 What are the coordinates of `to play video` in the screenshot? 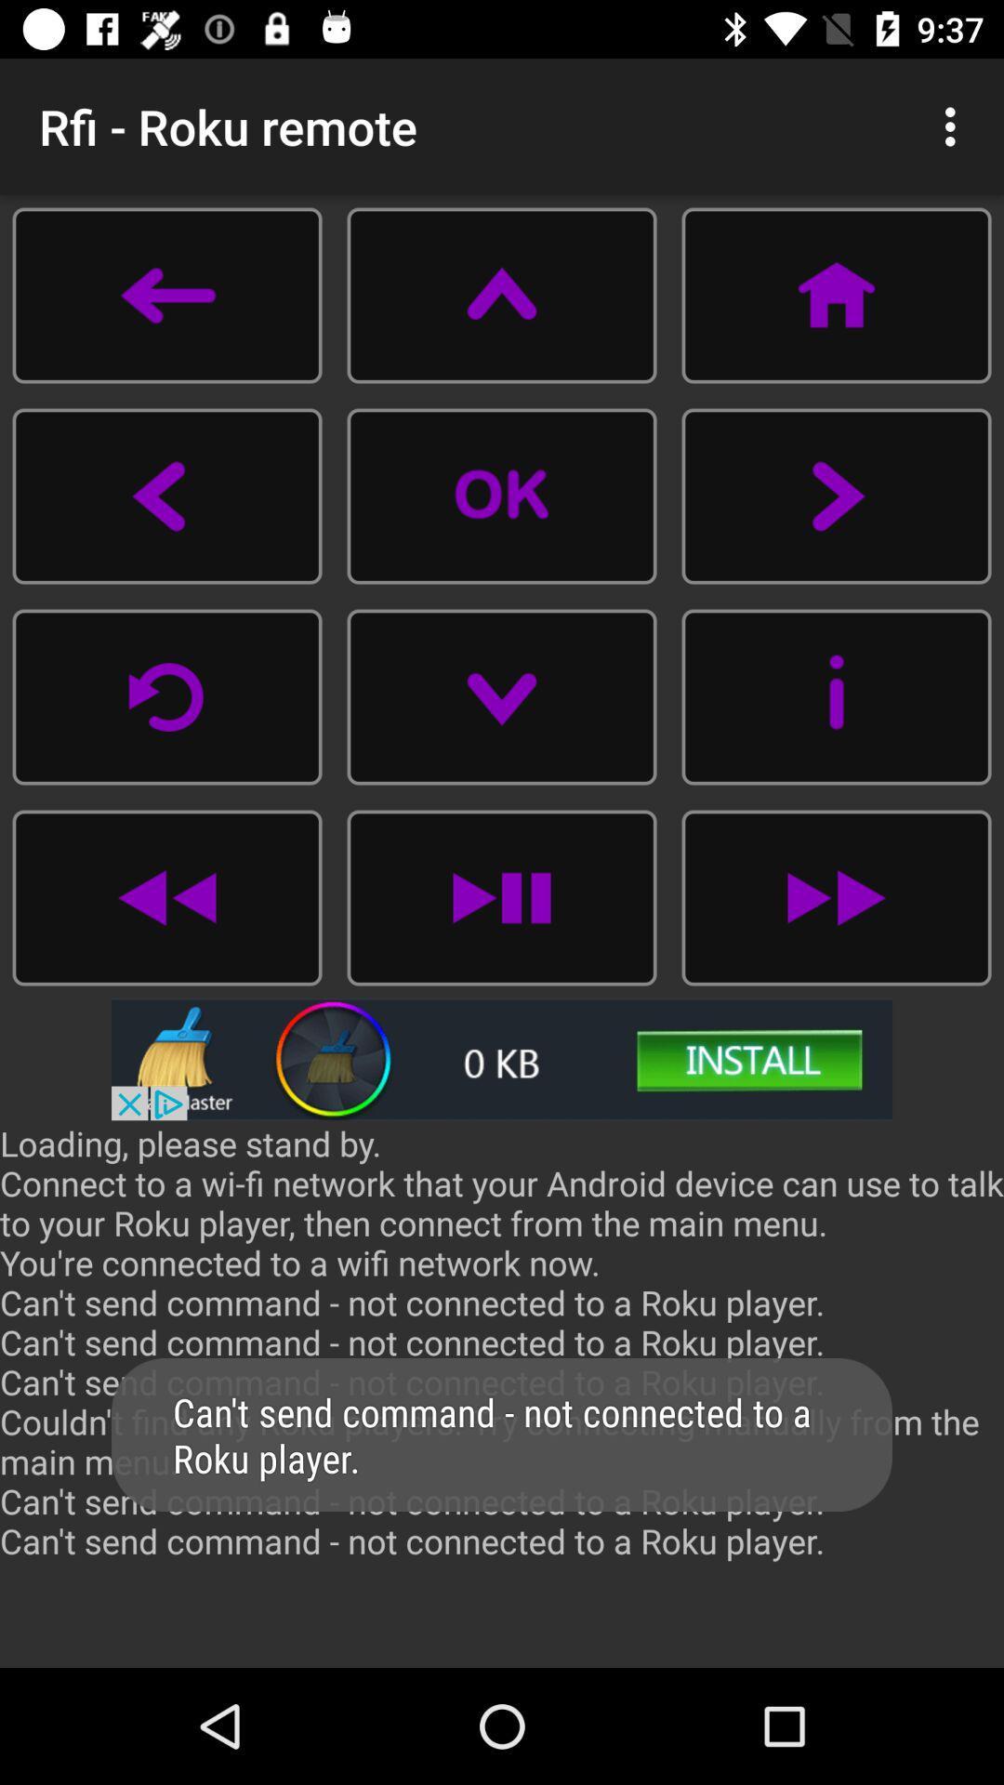 It's located at (502, 496).